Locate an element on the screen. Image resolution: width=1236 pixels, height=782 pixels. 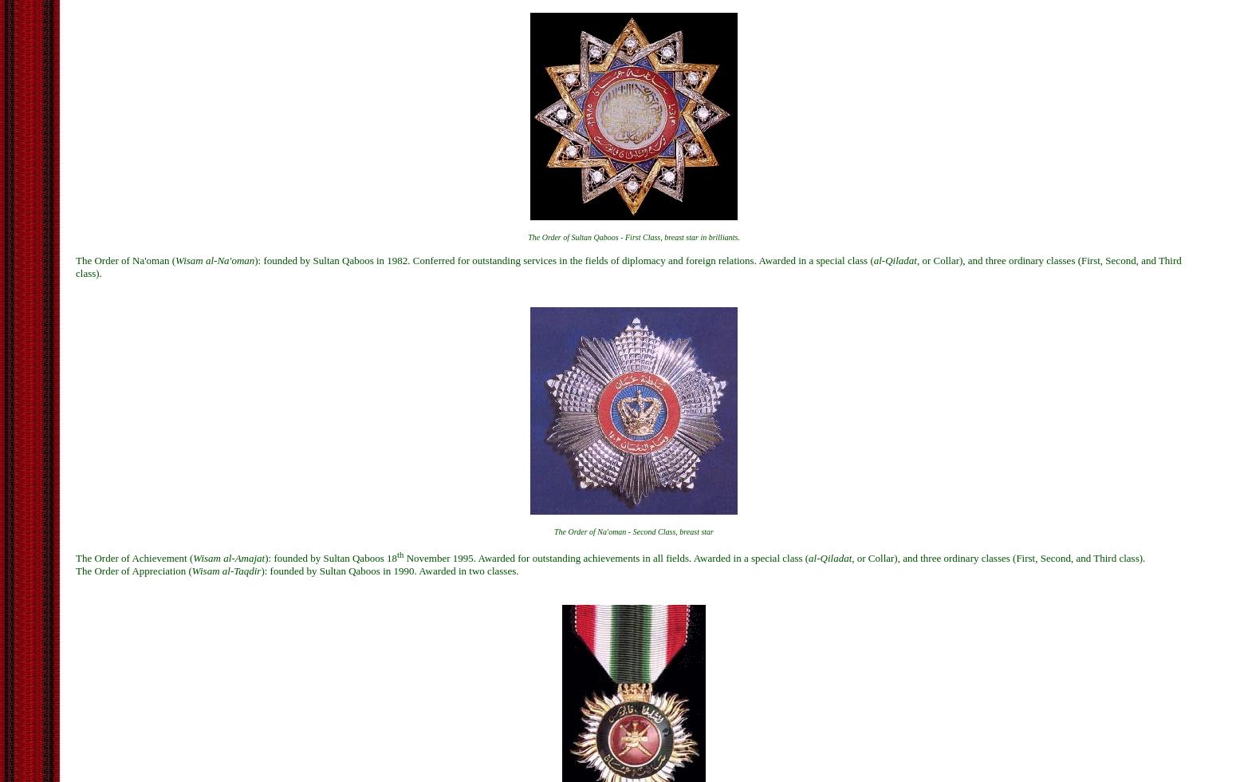
'The Order of Achievement (' is located at coordinates (133, 557).